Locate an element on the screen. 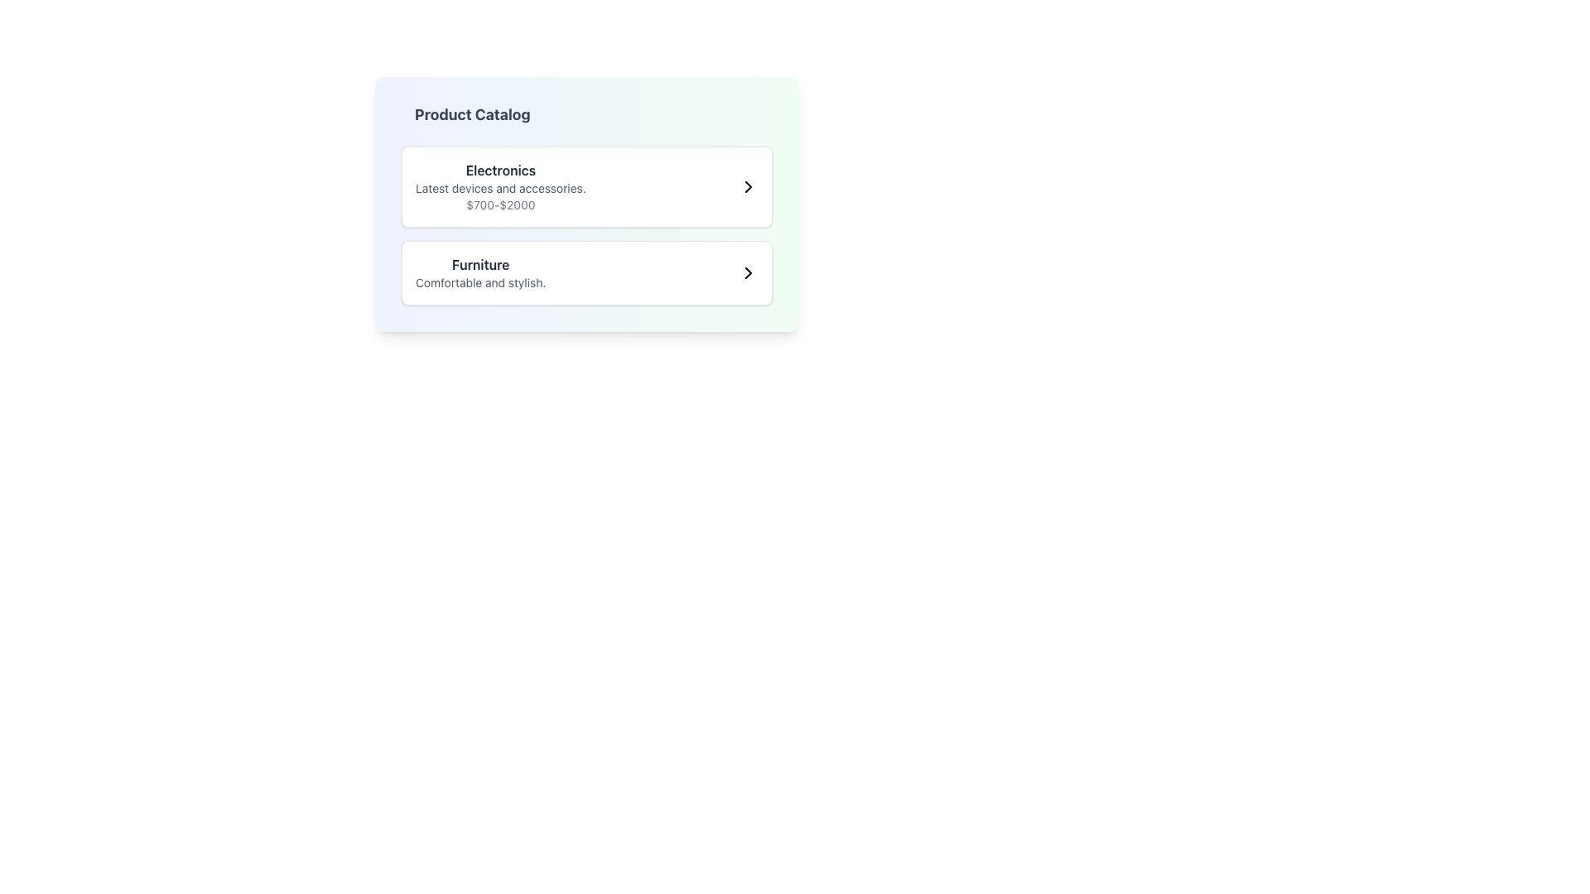  static text label displaying 'Electronics', which is positioned at the top of the content box for electronics products is located at coordinates (499, 170).